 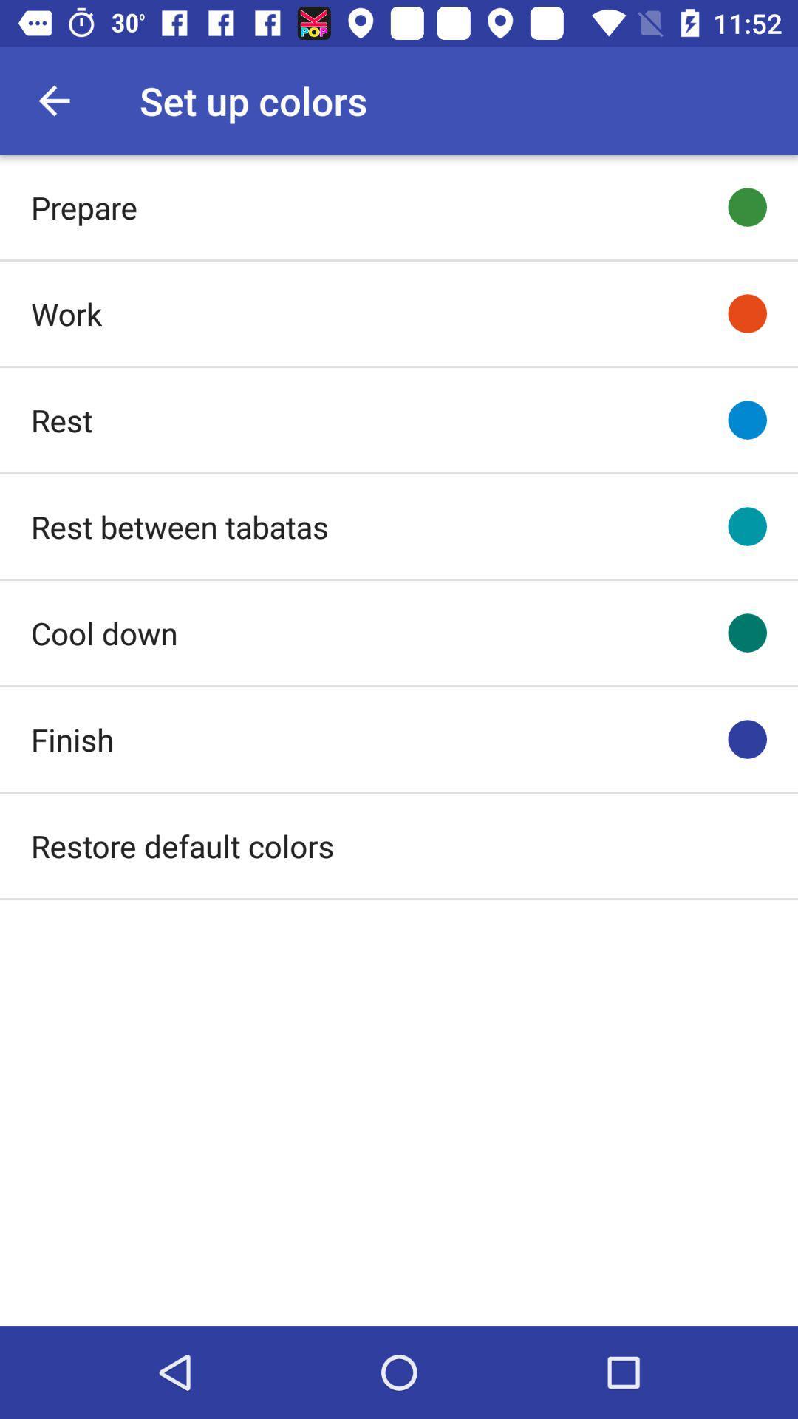 I want to click on item to the left of the set up colors icon, so click(x=53, y=100).